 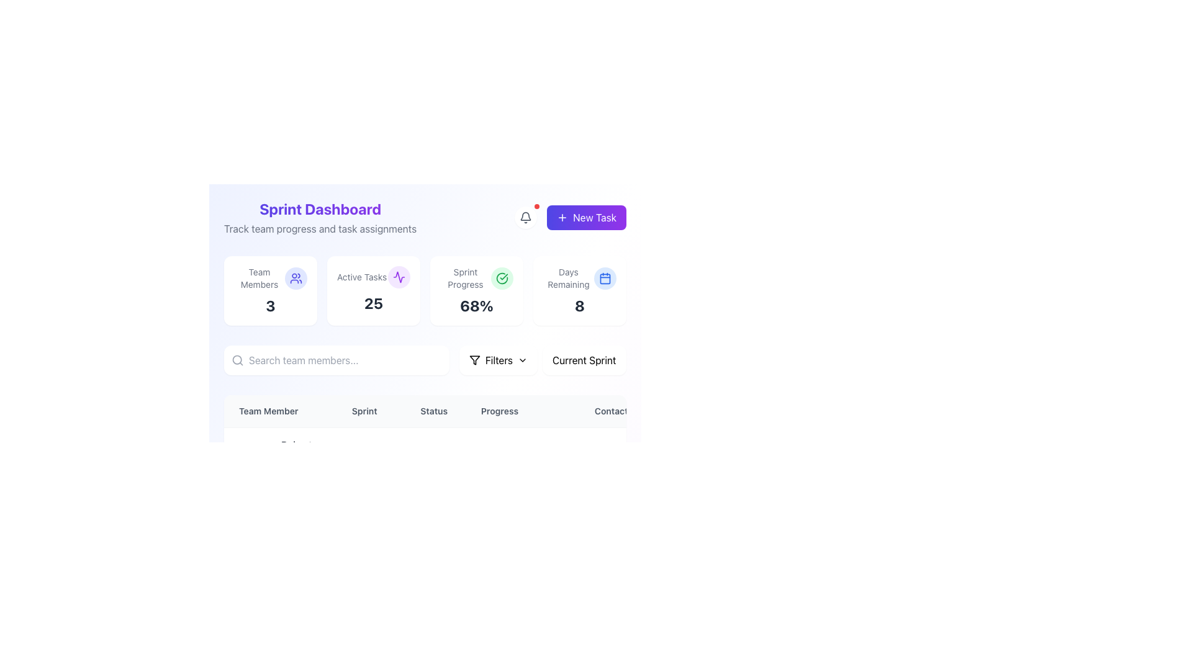 What do you see at coordinates (584, 360) in the screenshot?
I see `the 'Current Sprint' button, which is a rectangular button with a white background and black center-aligned text, located to the right of the 'Filters' button` at bounding box center [584, 360].